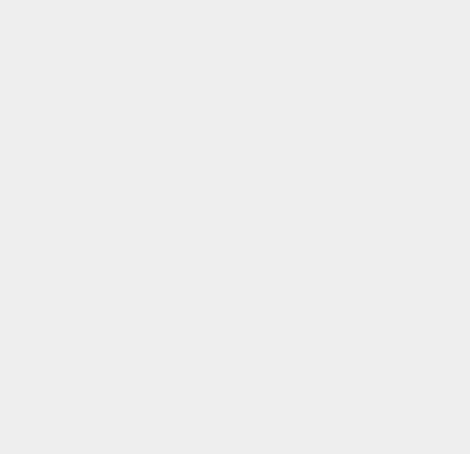 The height and width of the screenshot is (454, 470). I want to click on 'WWDC', so click(332, 183).